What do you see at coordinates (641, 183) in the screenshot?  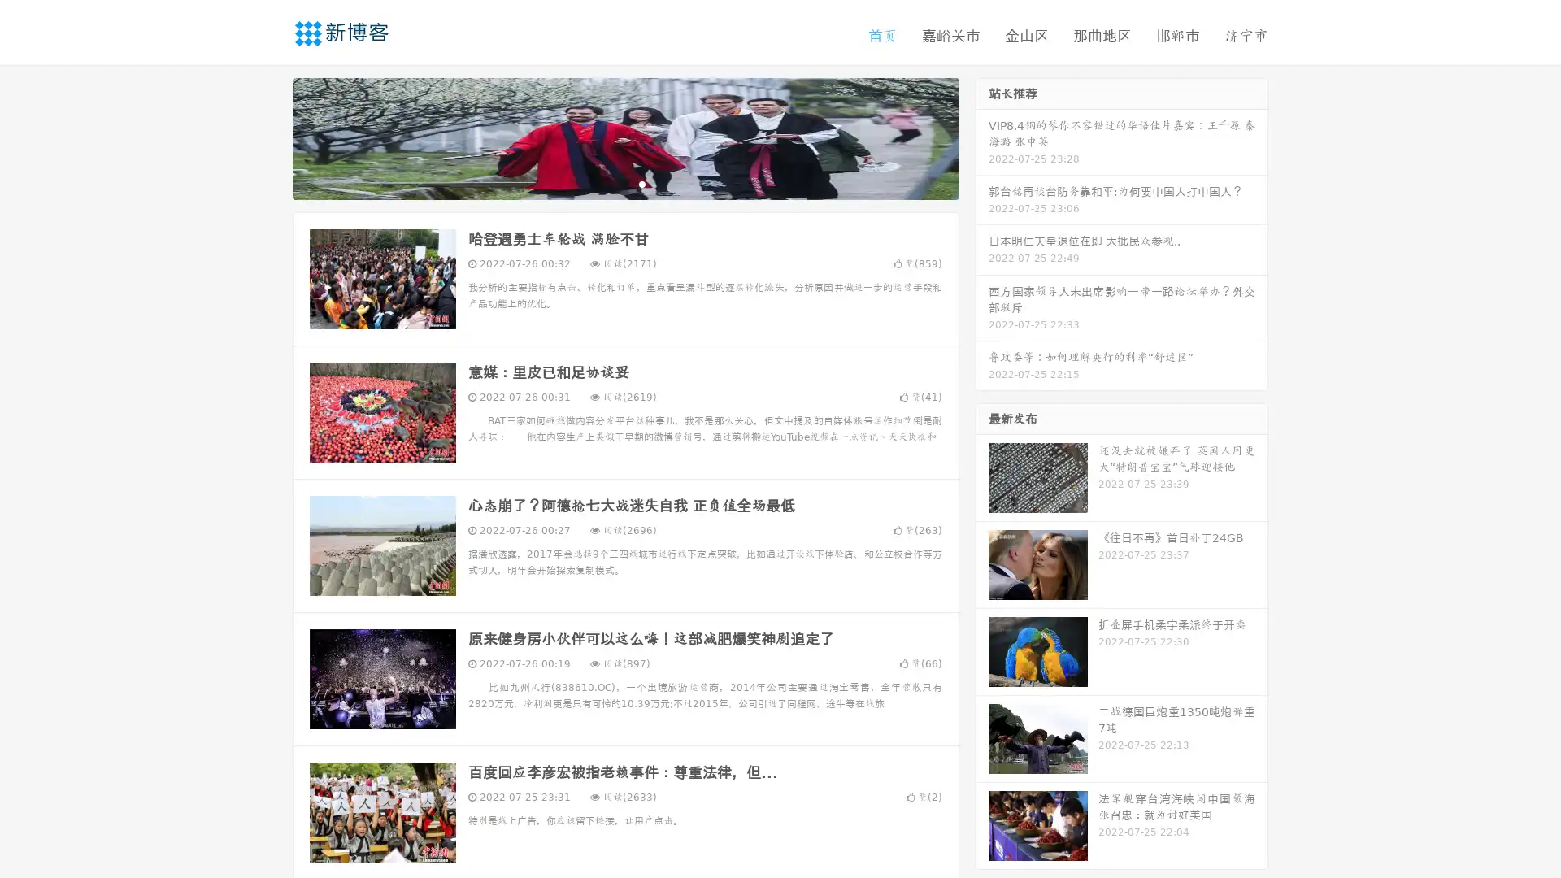 I see `Go to slide 3` at bounding box center [641, 183].